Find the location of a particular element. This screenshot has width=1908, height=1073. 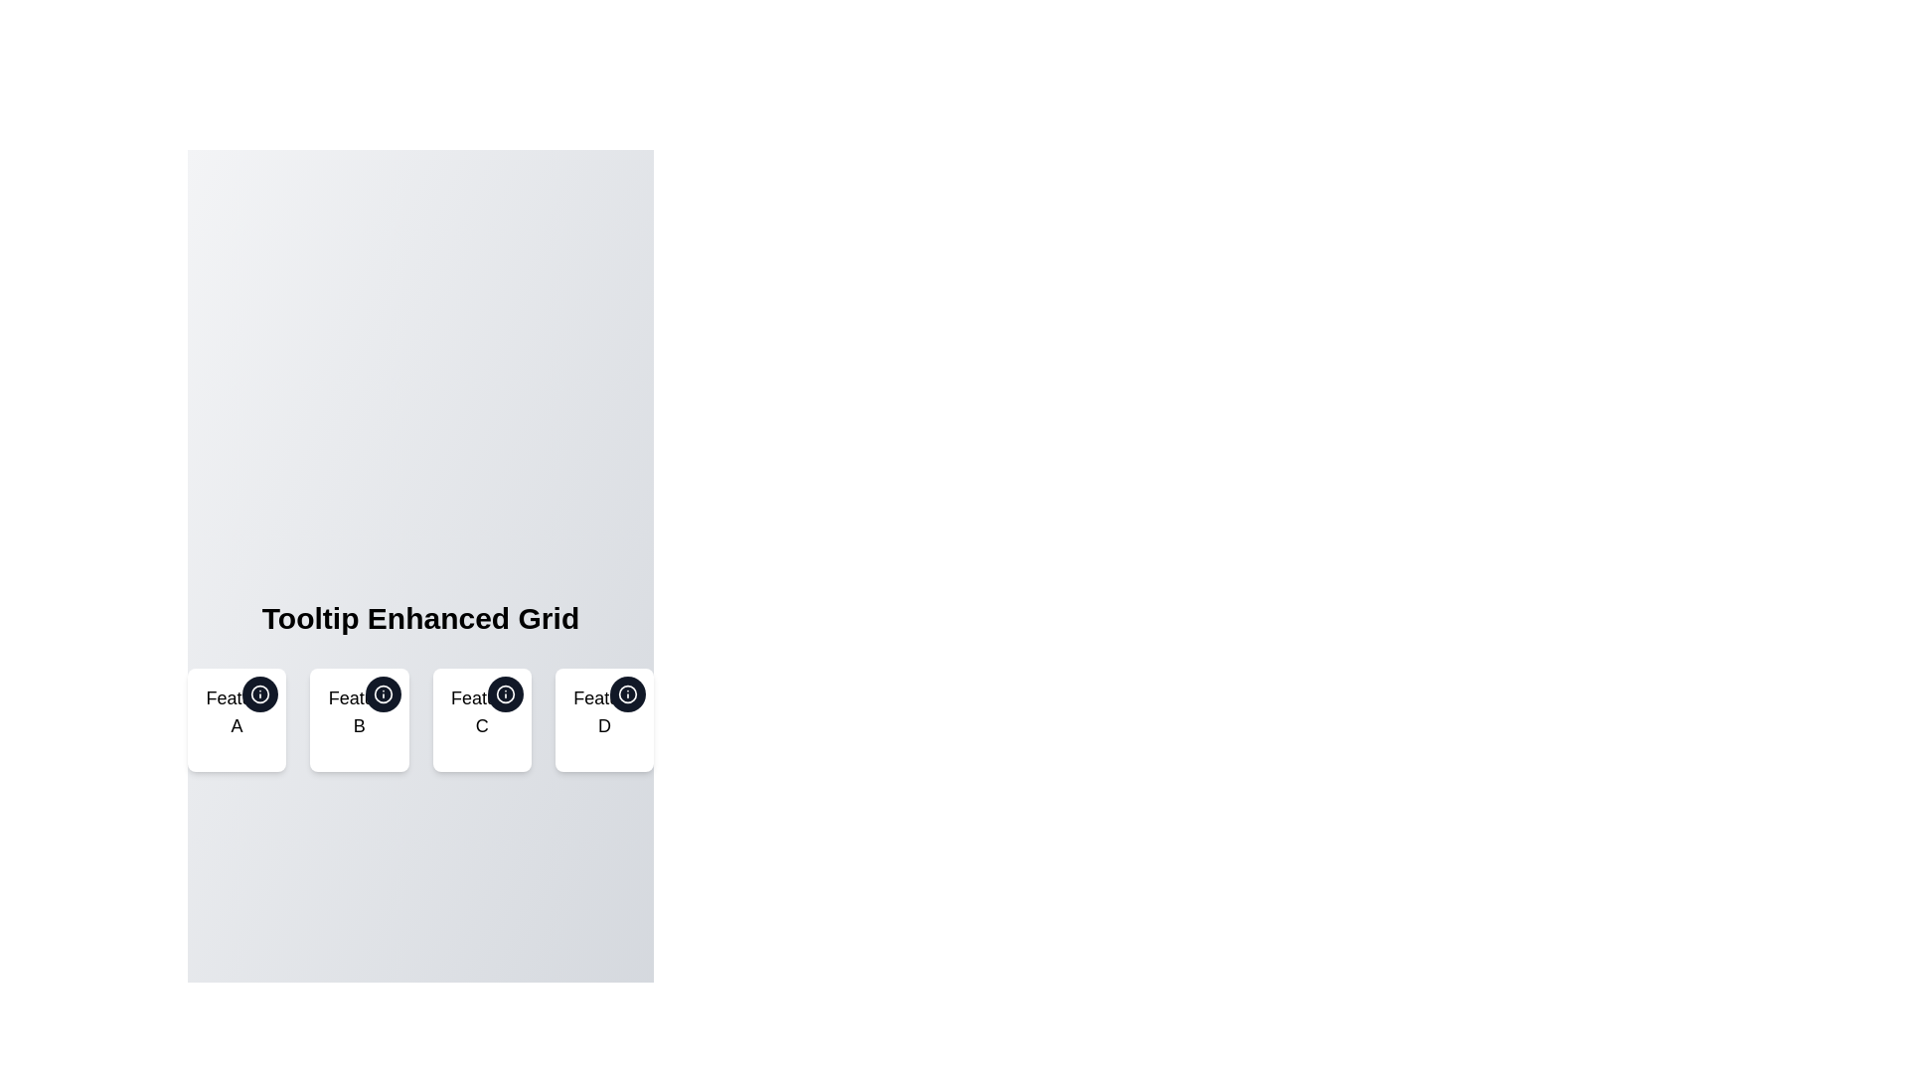

the informational icon related to the label 'Feat C' for accessibility navigation is located at coordinates (505, 692).